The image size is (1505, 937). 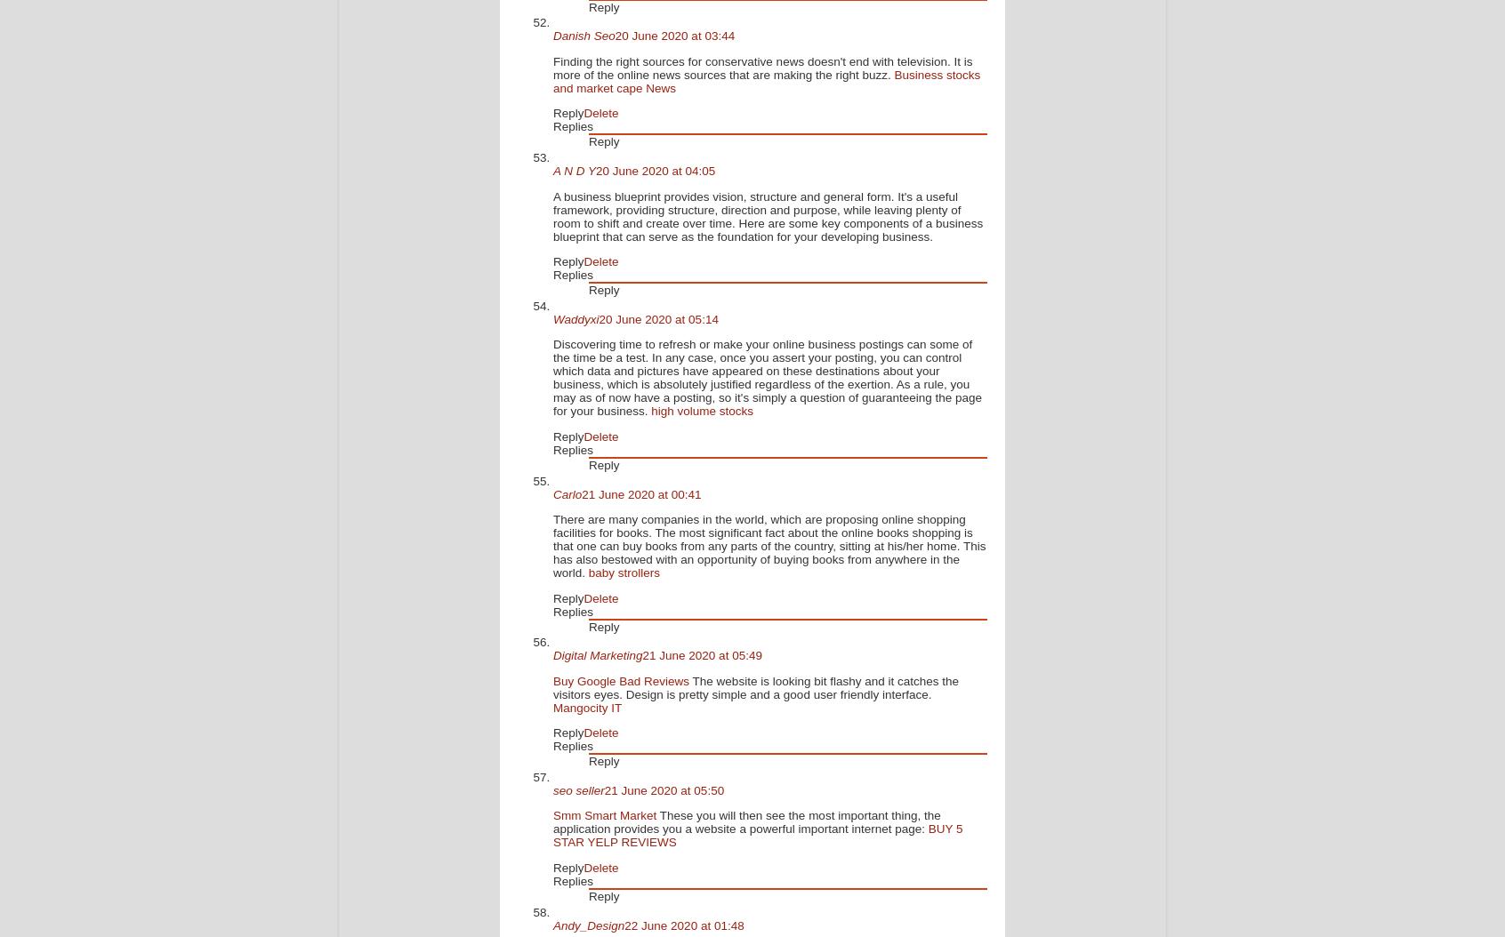 What do you see at coordinates (768, 545) in the screenshot?
I see `'There are many companies in the world, which are proposing online shopping facilities for books. The most significant fact about the online books shopping is that one can buy books from any parts of the country, sitting at his/her home. This has also bestowed with an opportunity of buying books from anywhere in the world.'` at bounding box center [768, 545].